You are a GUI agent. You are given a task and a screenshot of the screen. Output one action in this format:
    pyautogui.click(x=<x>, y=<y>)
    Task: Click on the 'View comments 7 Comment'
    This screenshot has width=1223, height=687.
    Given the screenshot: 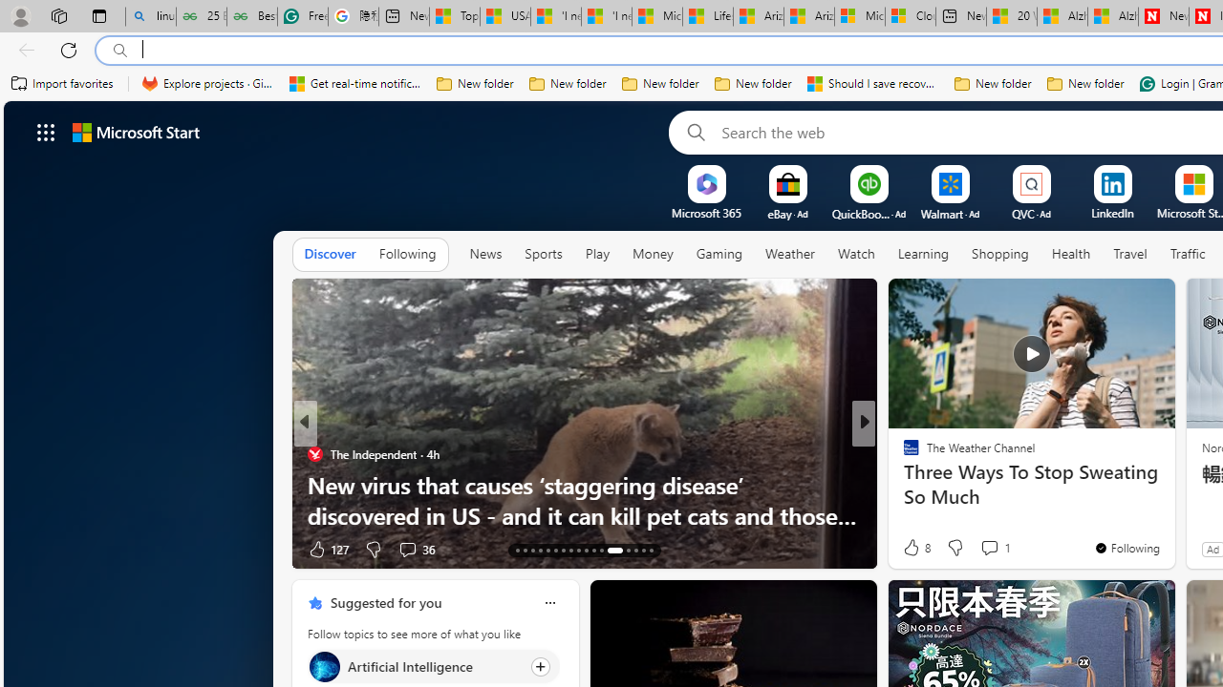 What is the action you would take?
    pyautogui.click(x=994, y=549)
    